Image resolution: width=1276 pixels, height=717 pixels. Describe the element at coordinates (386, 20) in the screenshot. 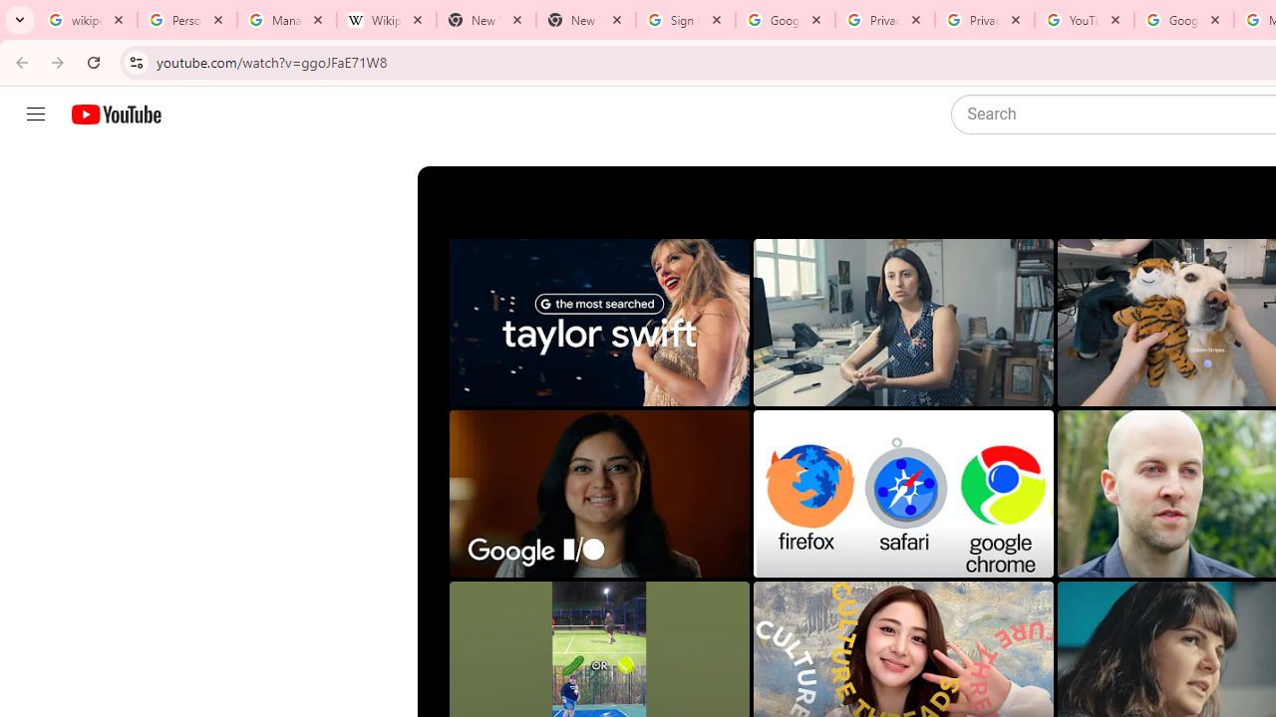

I see `'Wikipedia:Edit requests - Wikipedia'` at that location.